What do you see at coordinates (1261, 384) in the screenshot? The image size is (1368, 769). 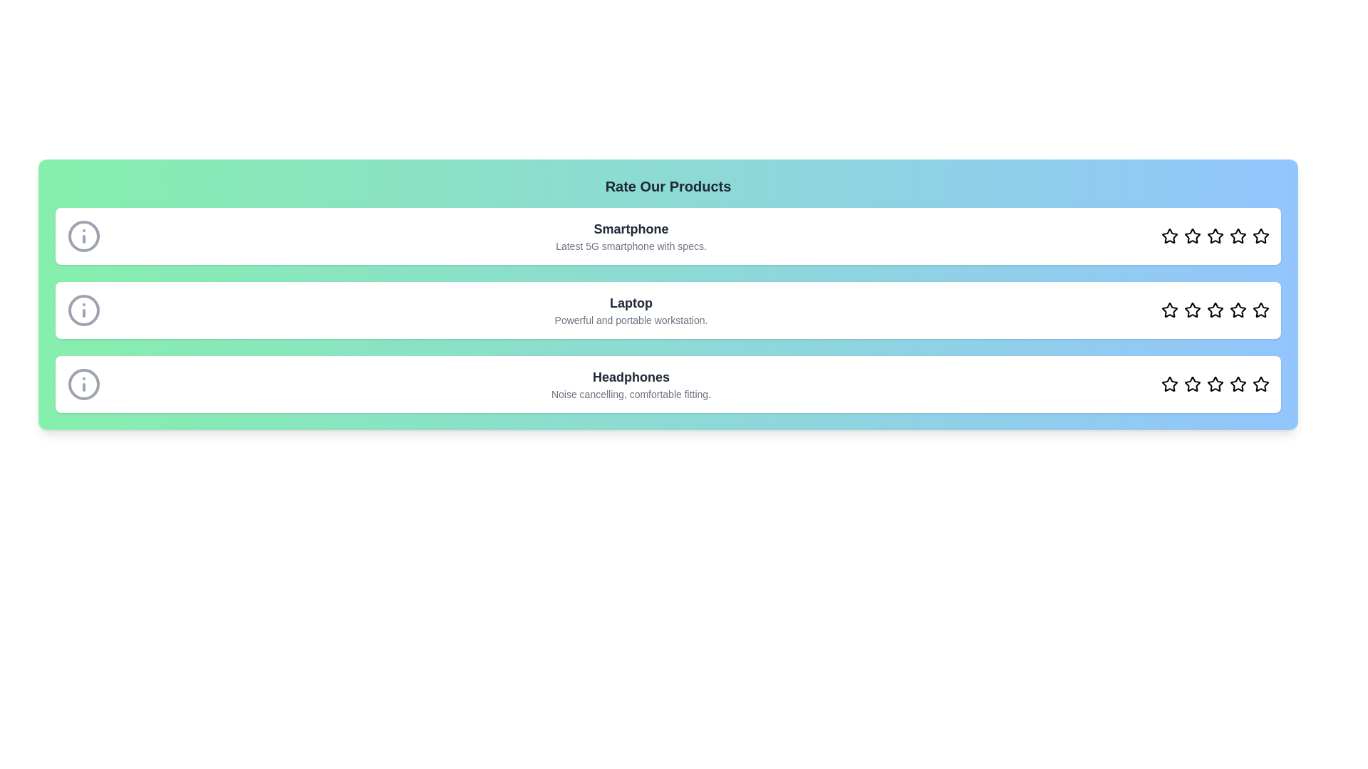 I see `the fifth star in the rating sequence for 'Headphones'` at bounding box center [1261, 384].